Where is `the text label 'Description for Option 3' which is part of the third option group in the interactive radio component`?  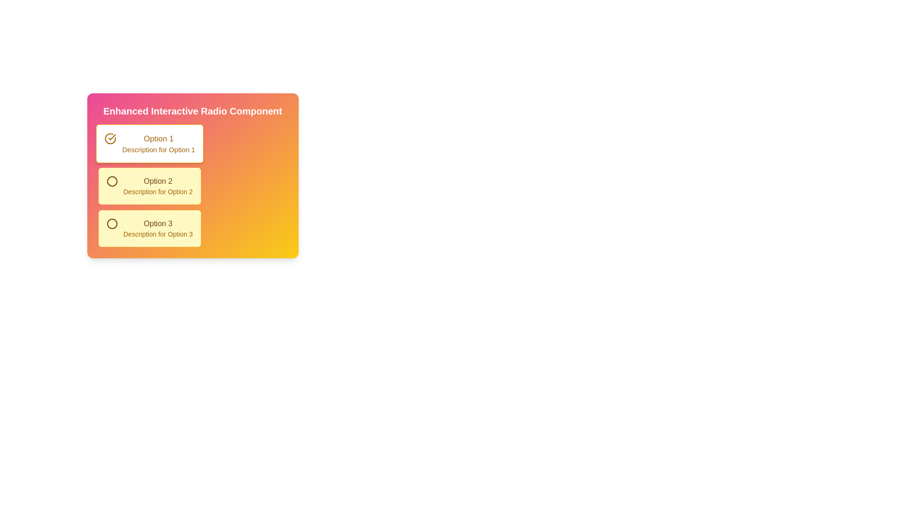 the text label 'Description for Option 3' which is part of the third option group in the interactive radio component is located at coordinates (158, 234).